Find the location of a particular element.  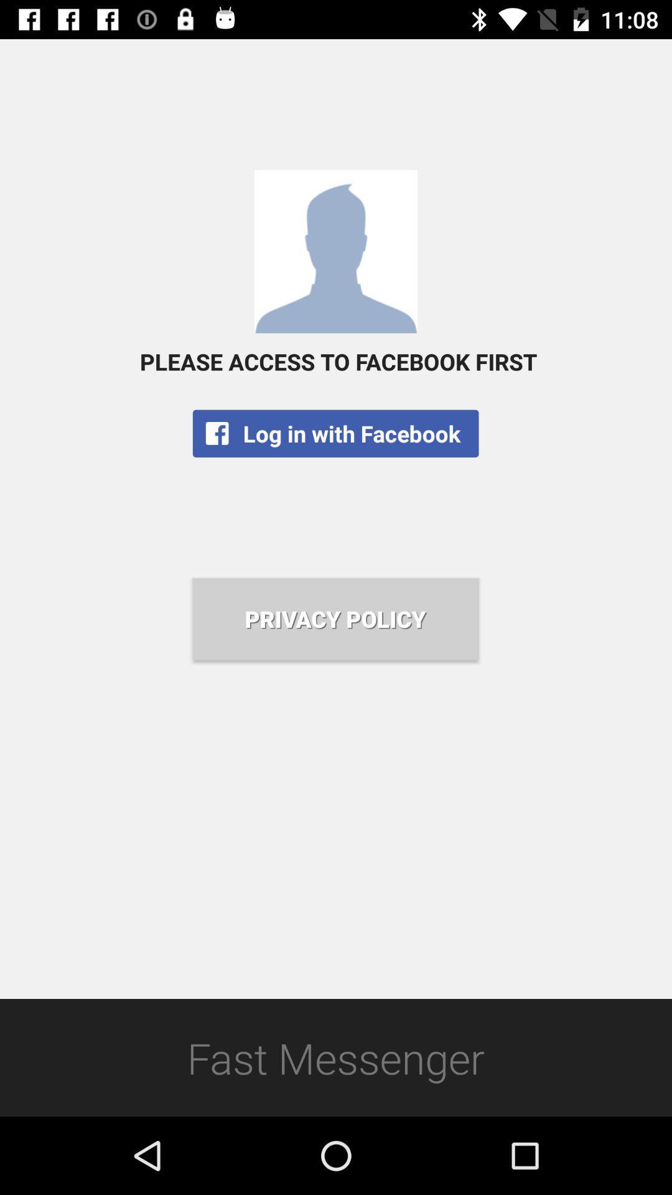

privacy policy item is located at coordinates (335, 619).